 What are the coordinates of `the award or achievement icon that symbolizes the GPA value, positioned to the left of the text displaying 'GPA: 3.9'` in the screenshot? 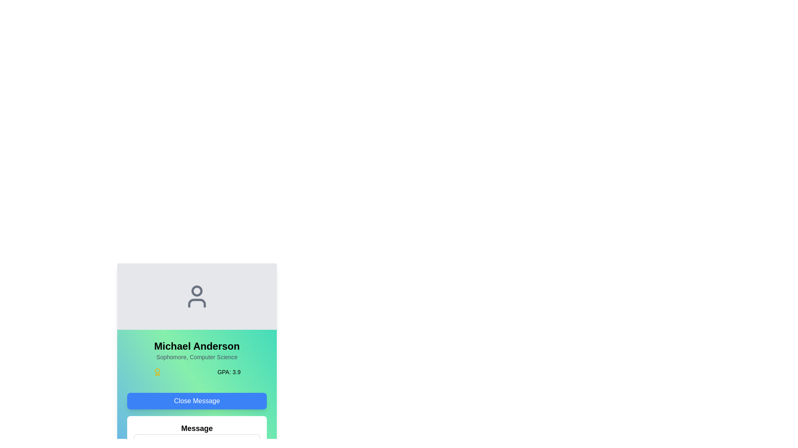 It's located at (158, 372).